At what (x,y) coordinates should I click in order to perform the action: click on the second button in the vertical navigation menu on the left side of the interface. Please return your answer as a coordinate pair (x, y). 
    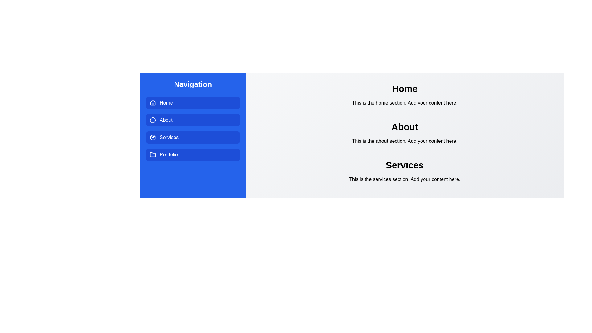
    Looking at the image, I should click on (192, 120).